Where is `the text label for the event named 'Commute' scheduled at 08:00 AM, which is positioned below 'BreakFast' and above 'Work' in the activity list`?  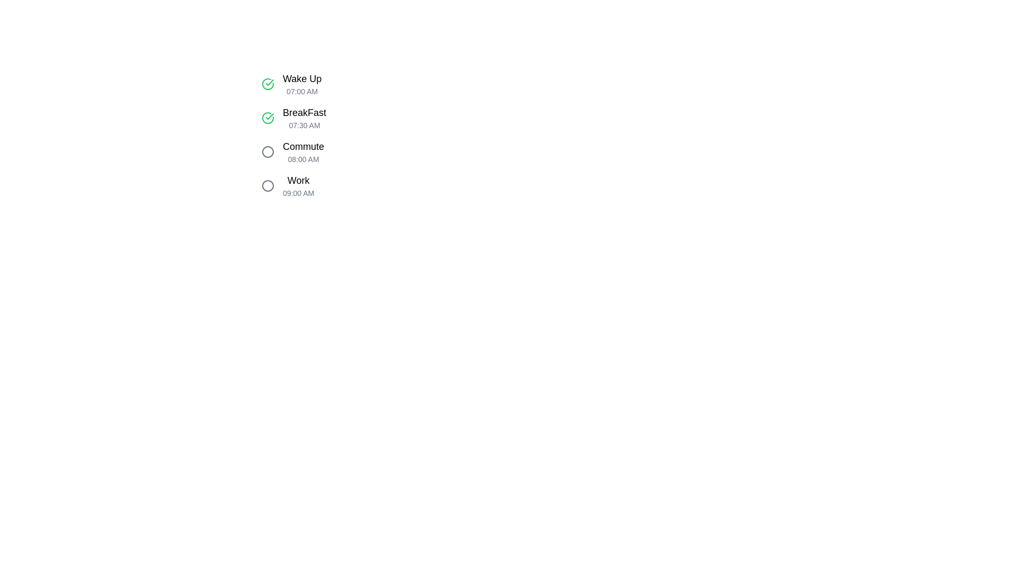
the text label for the event named 'Commute' scheduled at 08:00 AM, which is positioned below 'BreakFast' and above 'Work' in the activity list is located at coordinates (302, 147).